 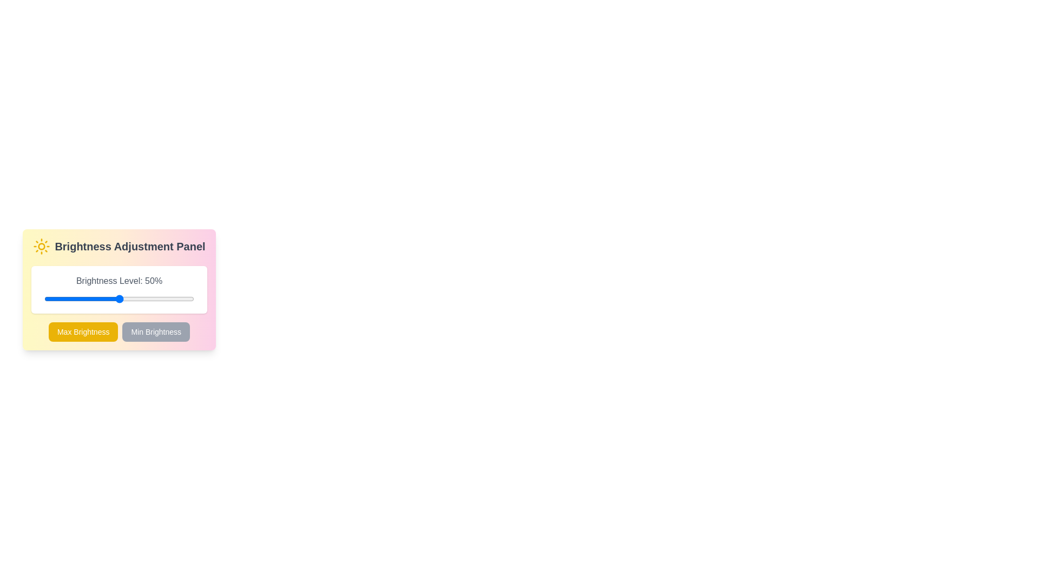 I want to click on the brightness level text to select it, so click(x=119, y=281).